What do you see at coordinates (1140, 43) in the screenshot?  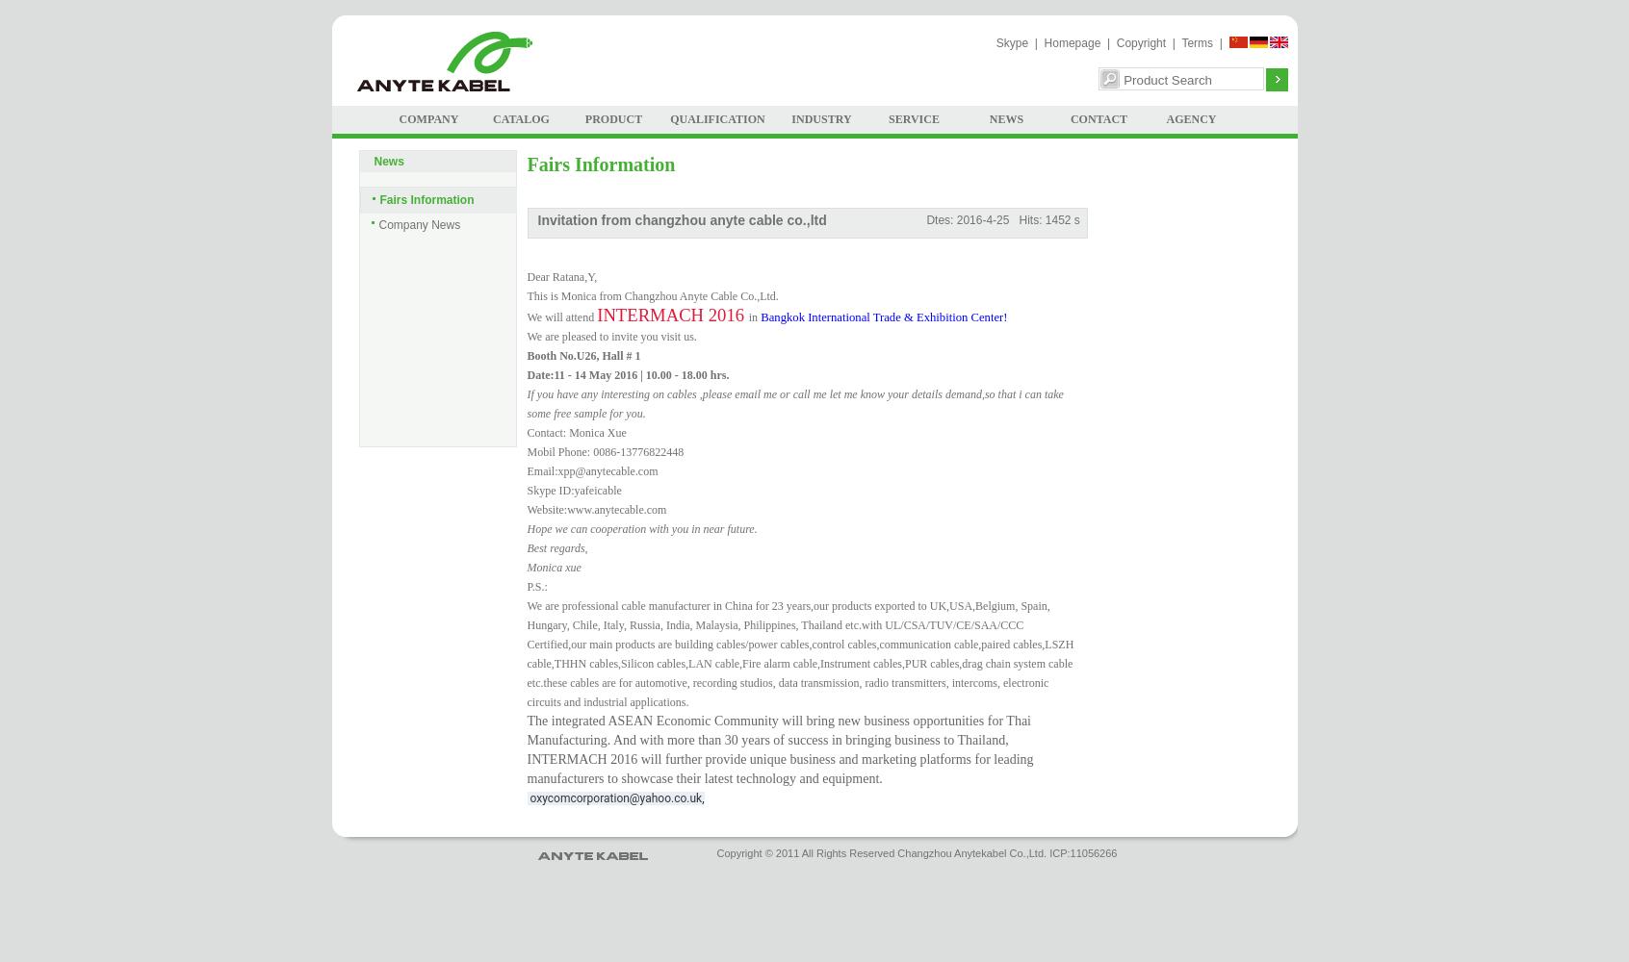 I see `'Copyright'` at bounding box center [1140, 43].